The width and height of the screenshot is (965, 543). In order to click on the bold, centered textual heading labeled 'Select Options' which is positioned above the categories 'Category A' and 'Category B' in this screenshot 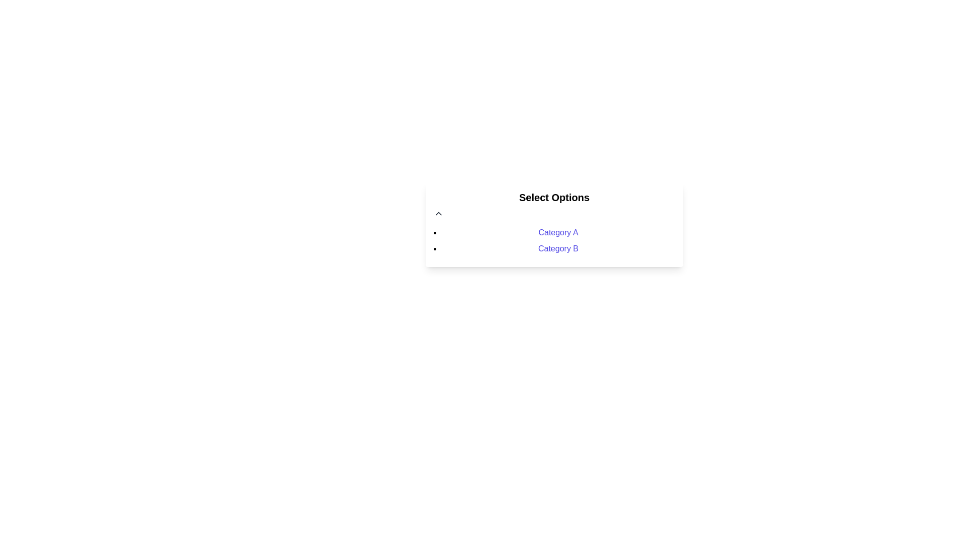, I will do `click(554, 204)`.